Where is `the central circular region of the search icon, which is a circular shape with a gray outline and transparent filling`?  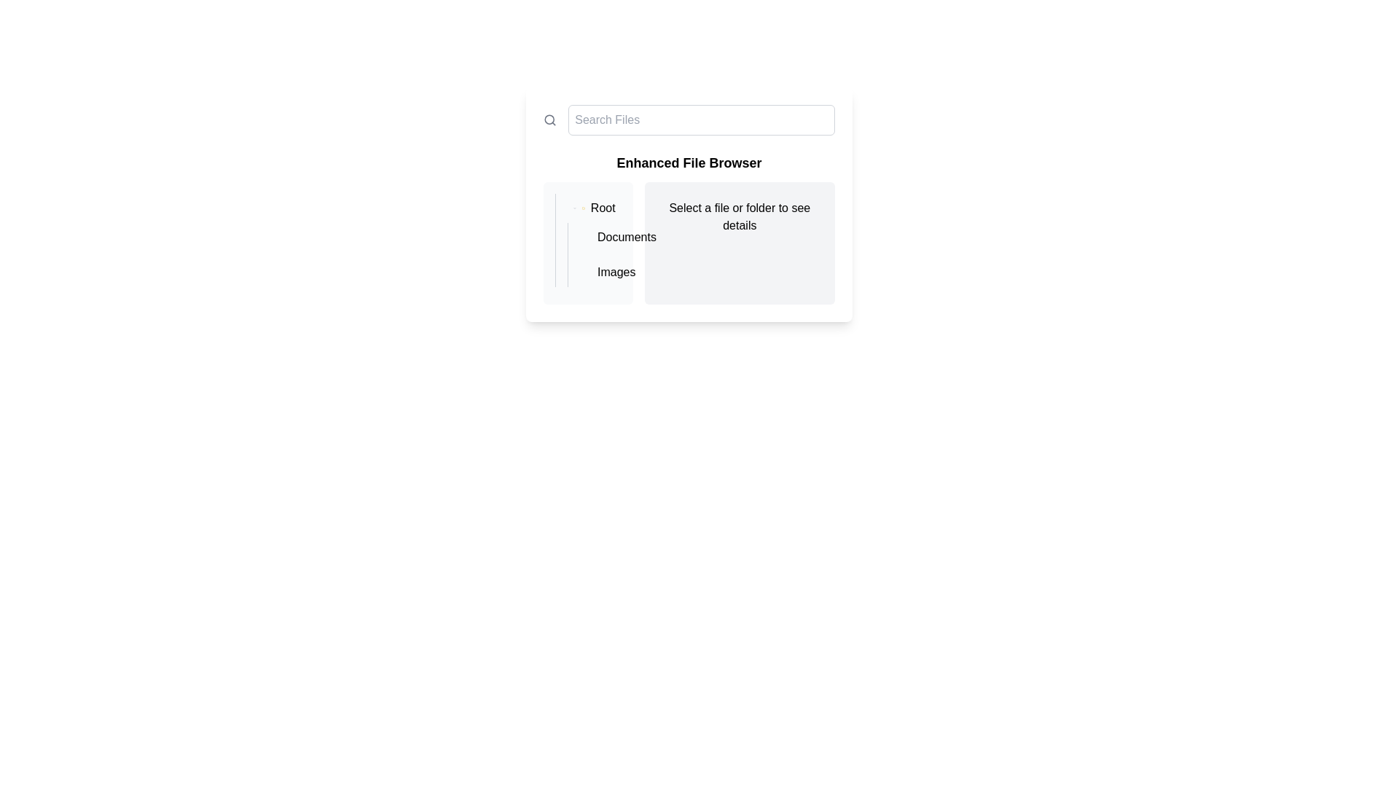
the central circular region of the search icon, which is a circular shape with a gray outline and transparent filling is located at coordinates (549, 119).